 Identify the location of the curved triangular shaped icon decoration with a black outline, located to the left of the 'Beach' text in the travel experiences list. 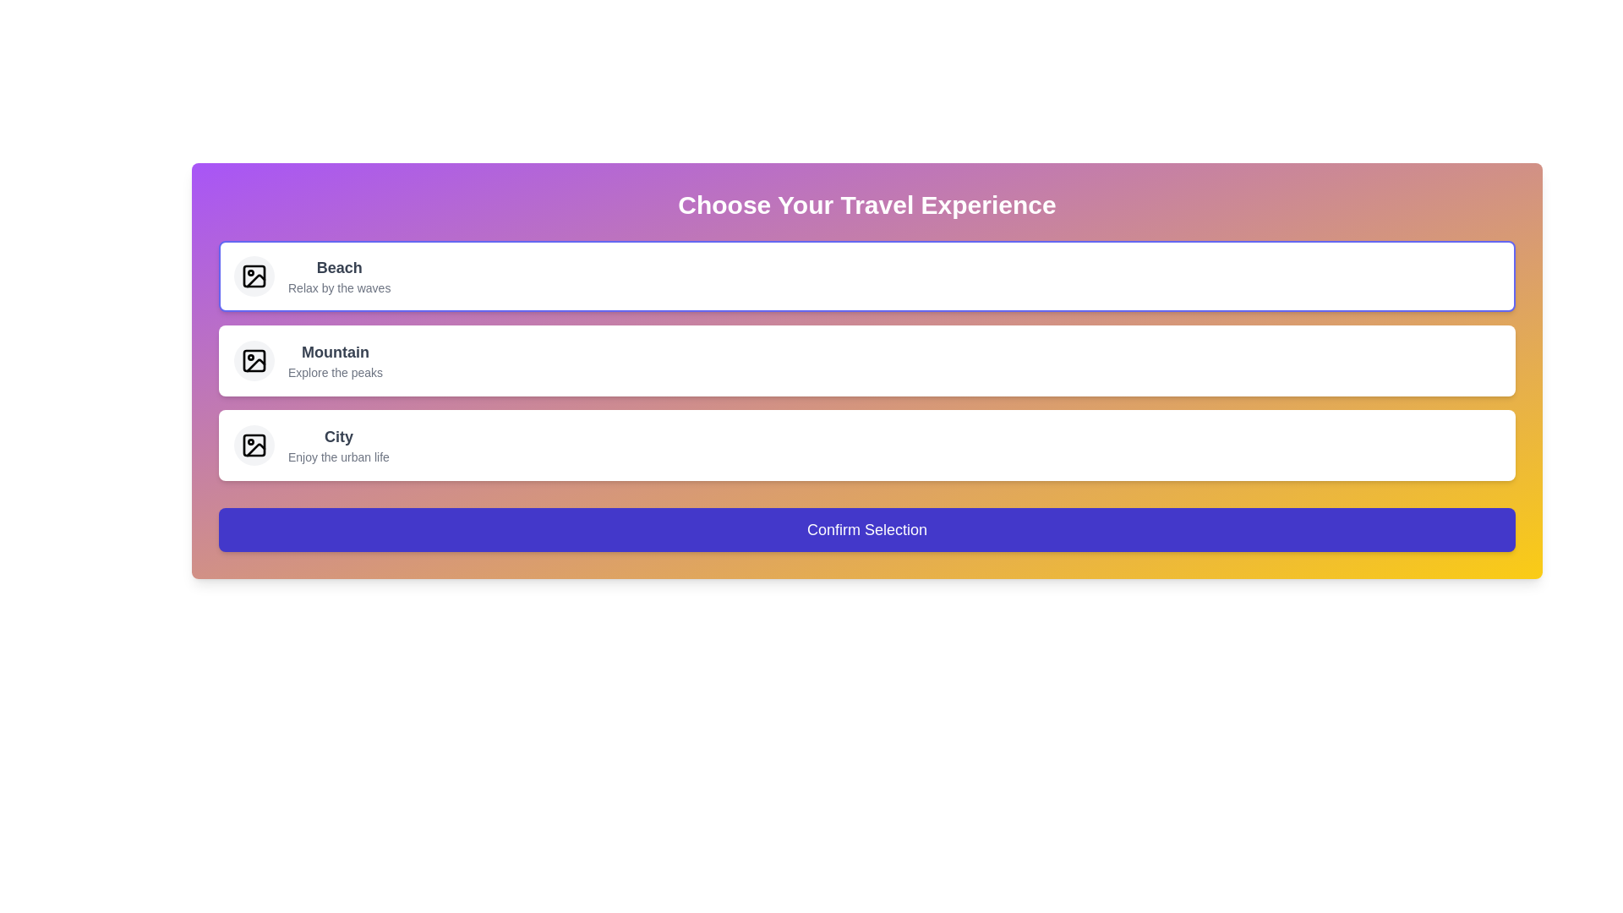
(254, 279).